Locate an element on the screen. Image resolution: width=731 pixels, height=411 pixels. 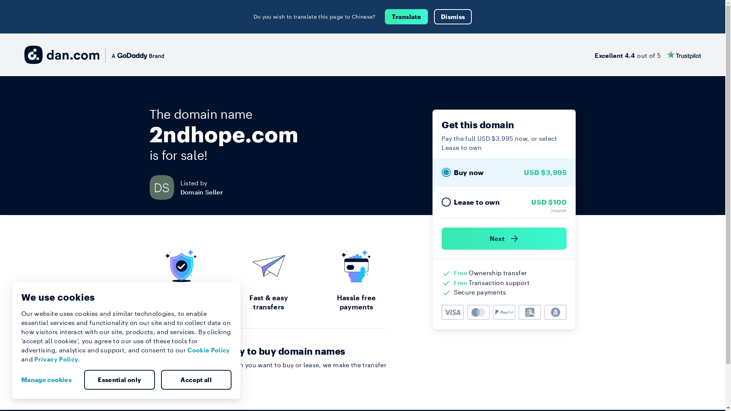
'Translate' is located at coordinates (406, 16).